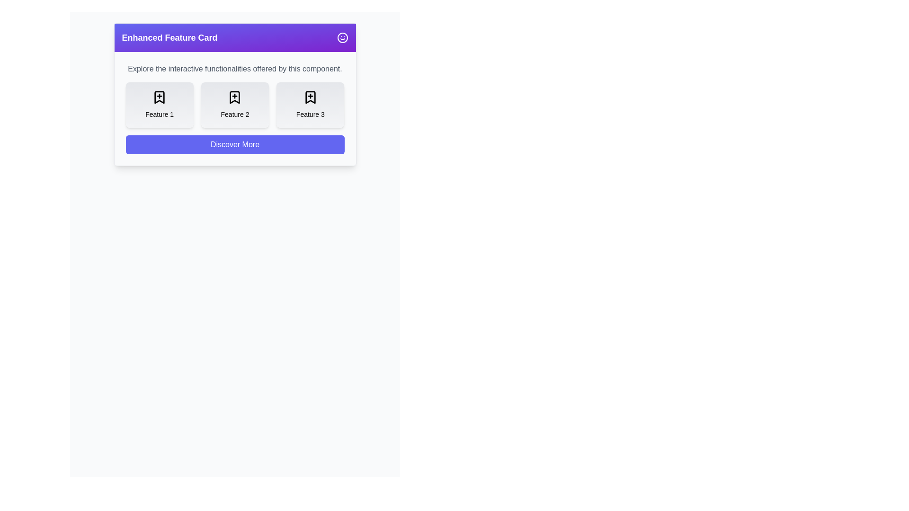 The height and width of the screenshot is (511, 909). I want to click on the SVG icon containing the circular shape located in the top right corner of the purple header section, so click(342, 37).